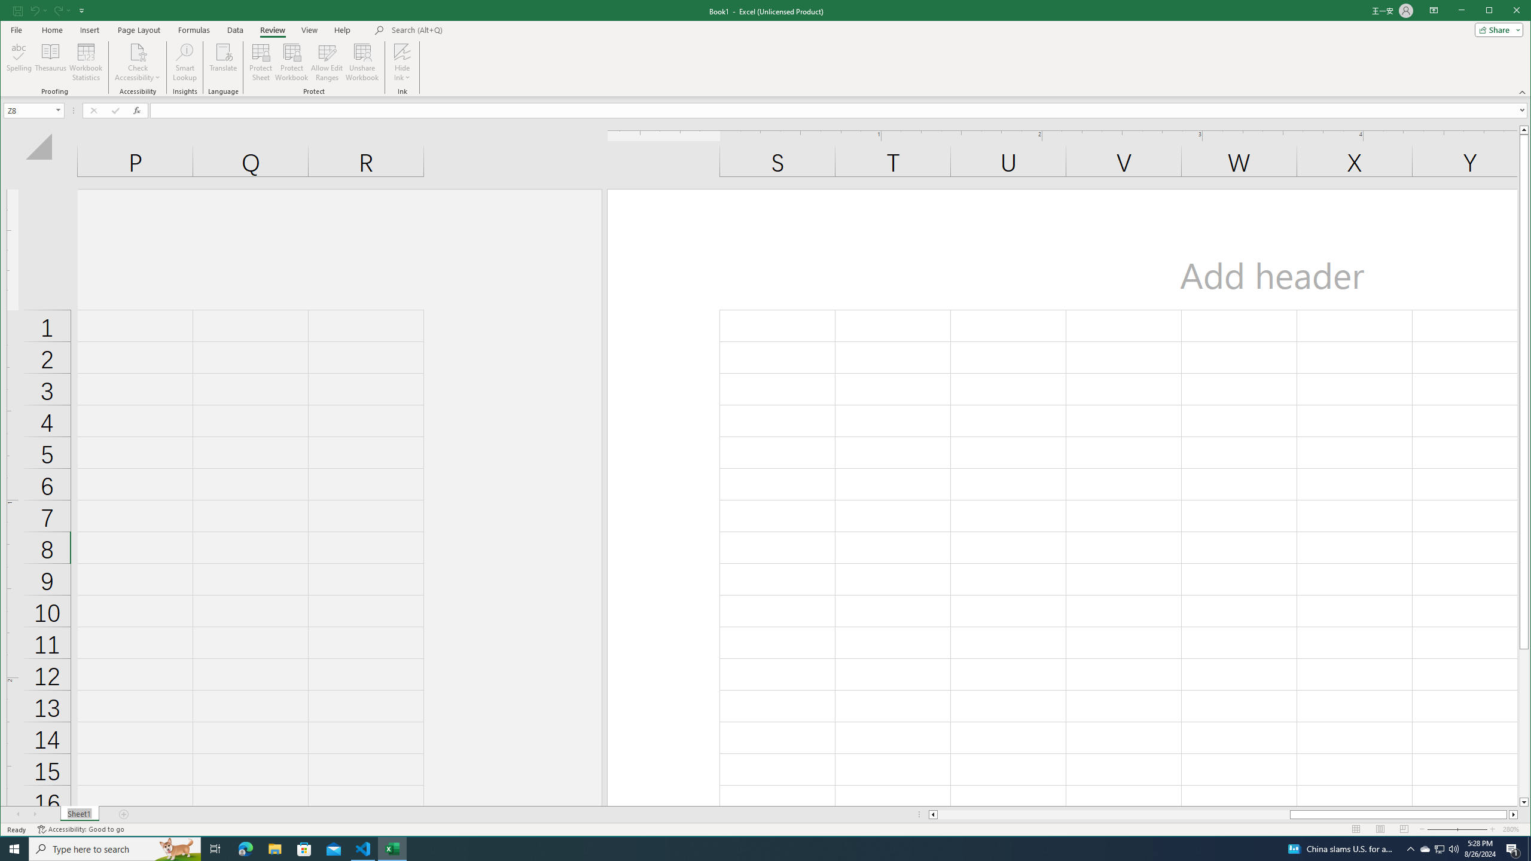 The image size is (1531, 861). What do you see at coordinates (80, 814) in the screenshot?
I see `'Sheet Tab'` at bounding box center [80, 814].